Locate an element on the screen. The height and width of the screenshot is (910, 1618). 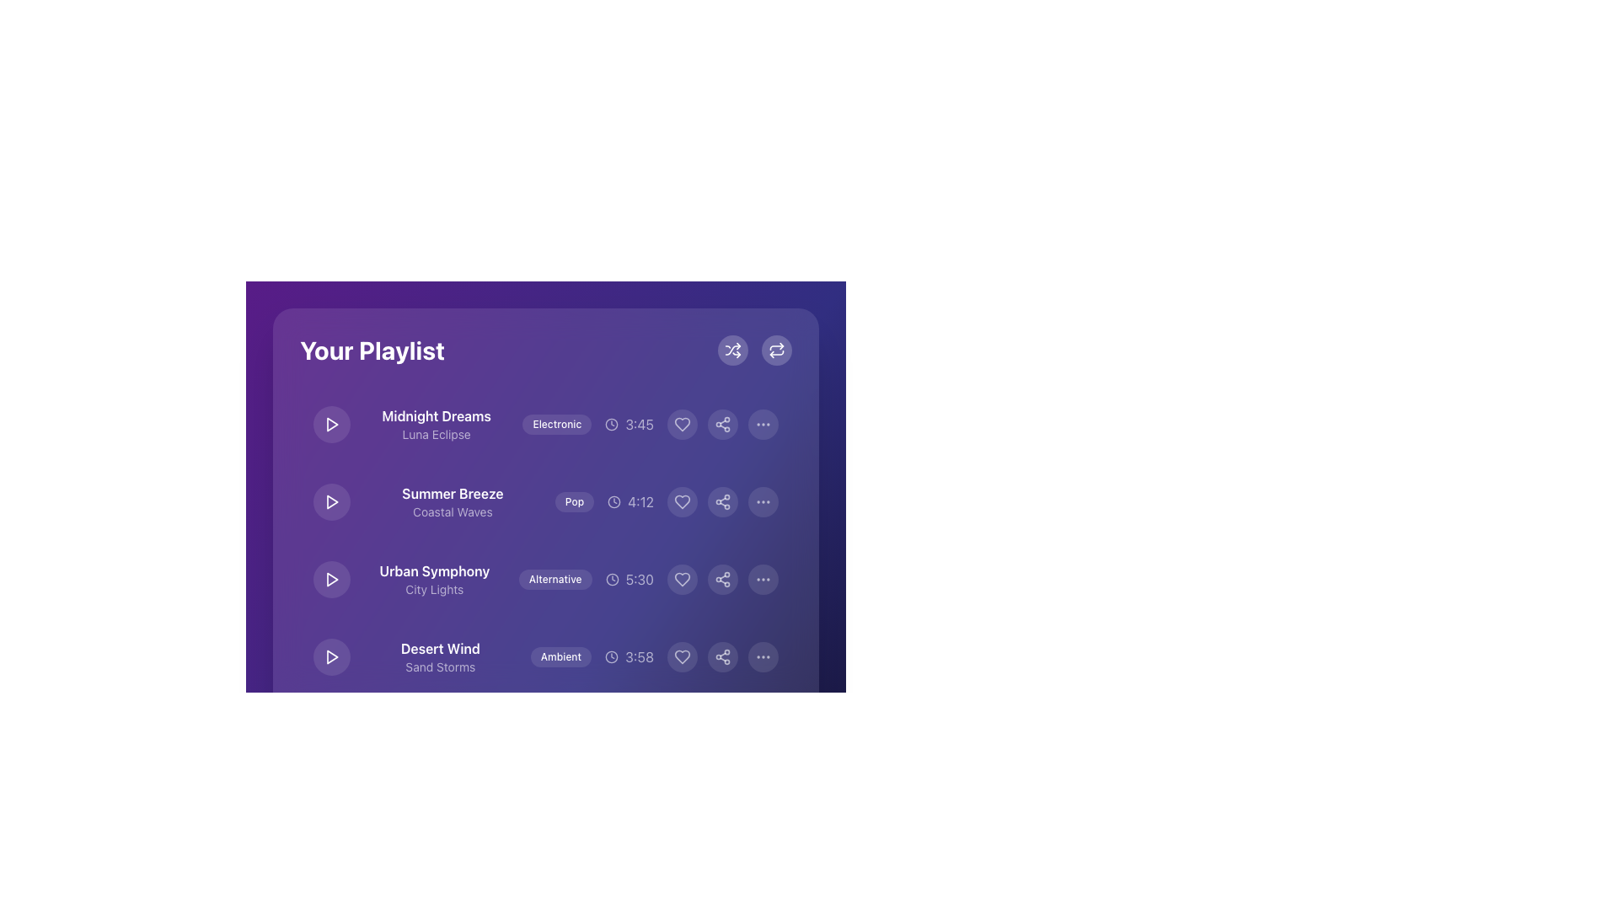
the circular button with a heart-shaped icon, which is the first icon next to the 'Urban Symphony' playlist item, to favorite the item is located at coordinates (683, 578).